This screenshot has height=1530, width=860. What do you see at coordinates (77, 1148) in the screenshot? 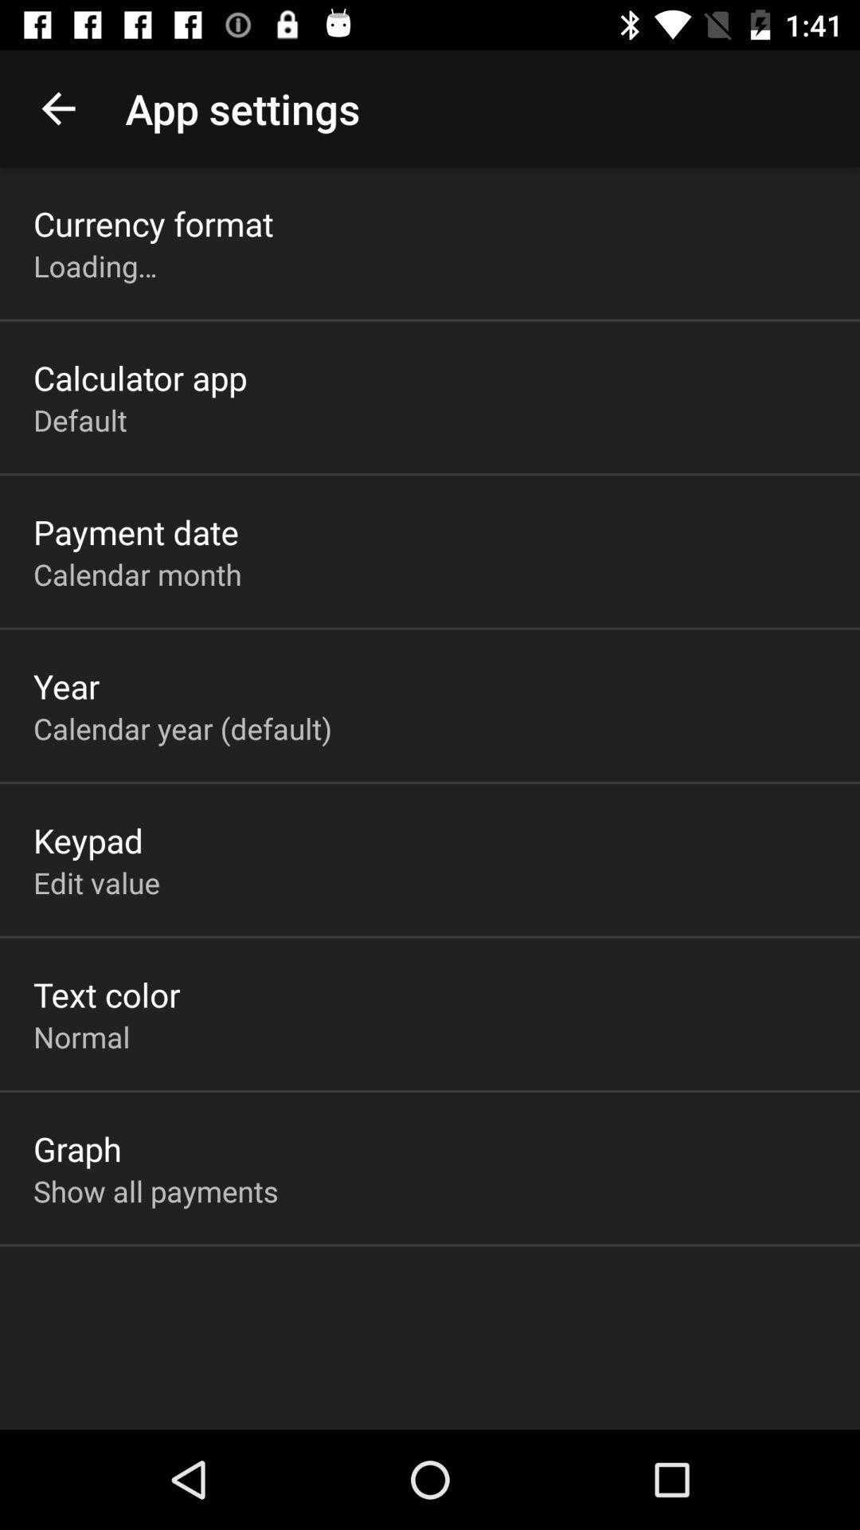
I see `the graph item` at bounding box center [77, 1148].